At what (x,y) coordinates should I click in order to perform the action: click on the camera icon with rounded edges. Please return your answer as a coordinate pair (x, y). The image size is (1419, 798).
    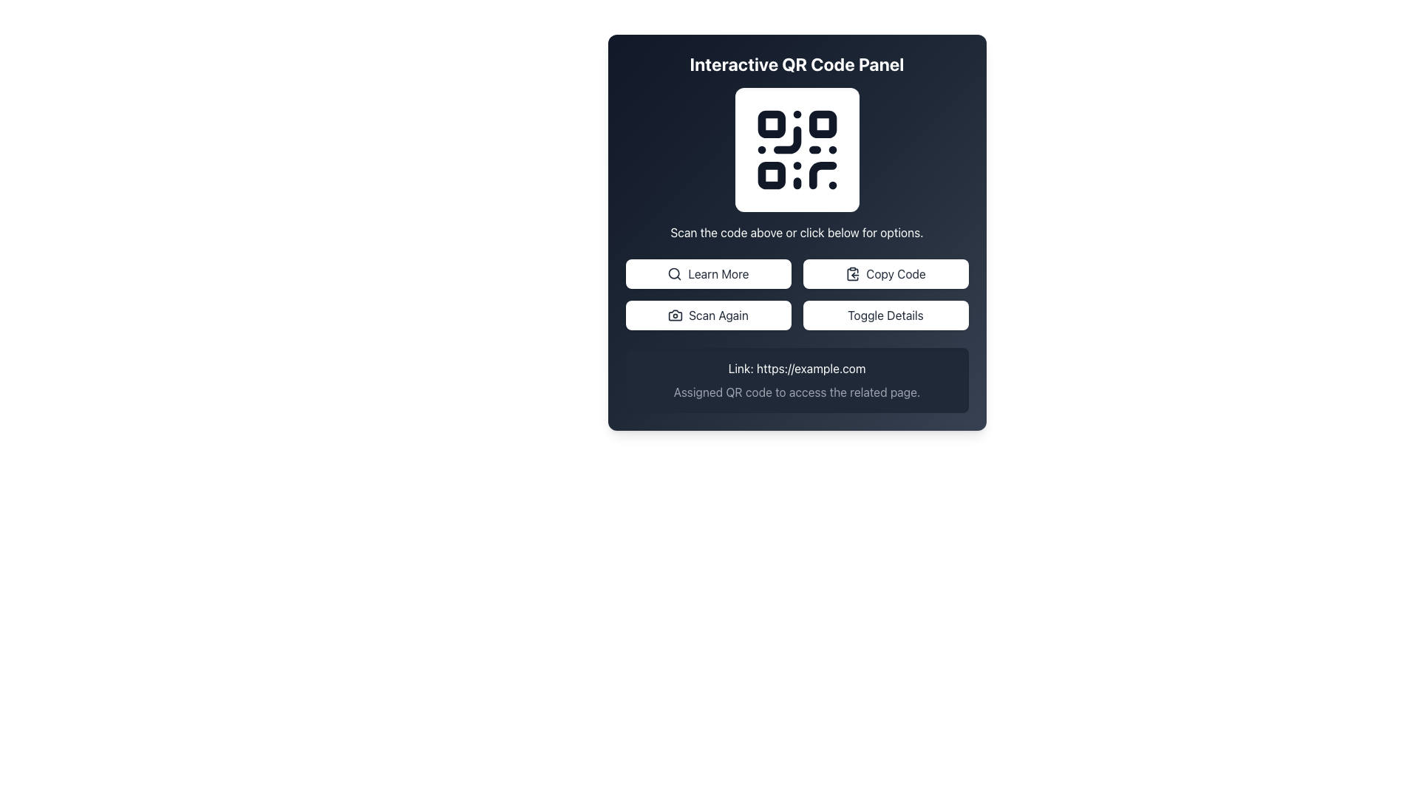
    Looking at the image, I should click on (675, 315).